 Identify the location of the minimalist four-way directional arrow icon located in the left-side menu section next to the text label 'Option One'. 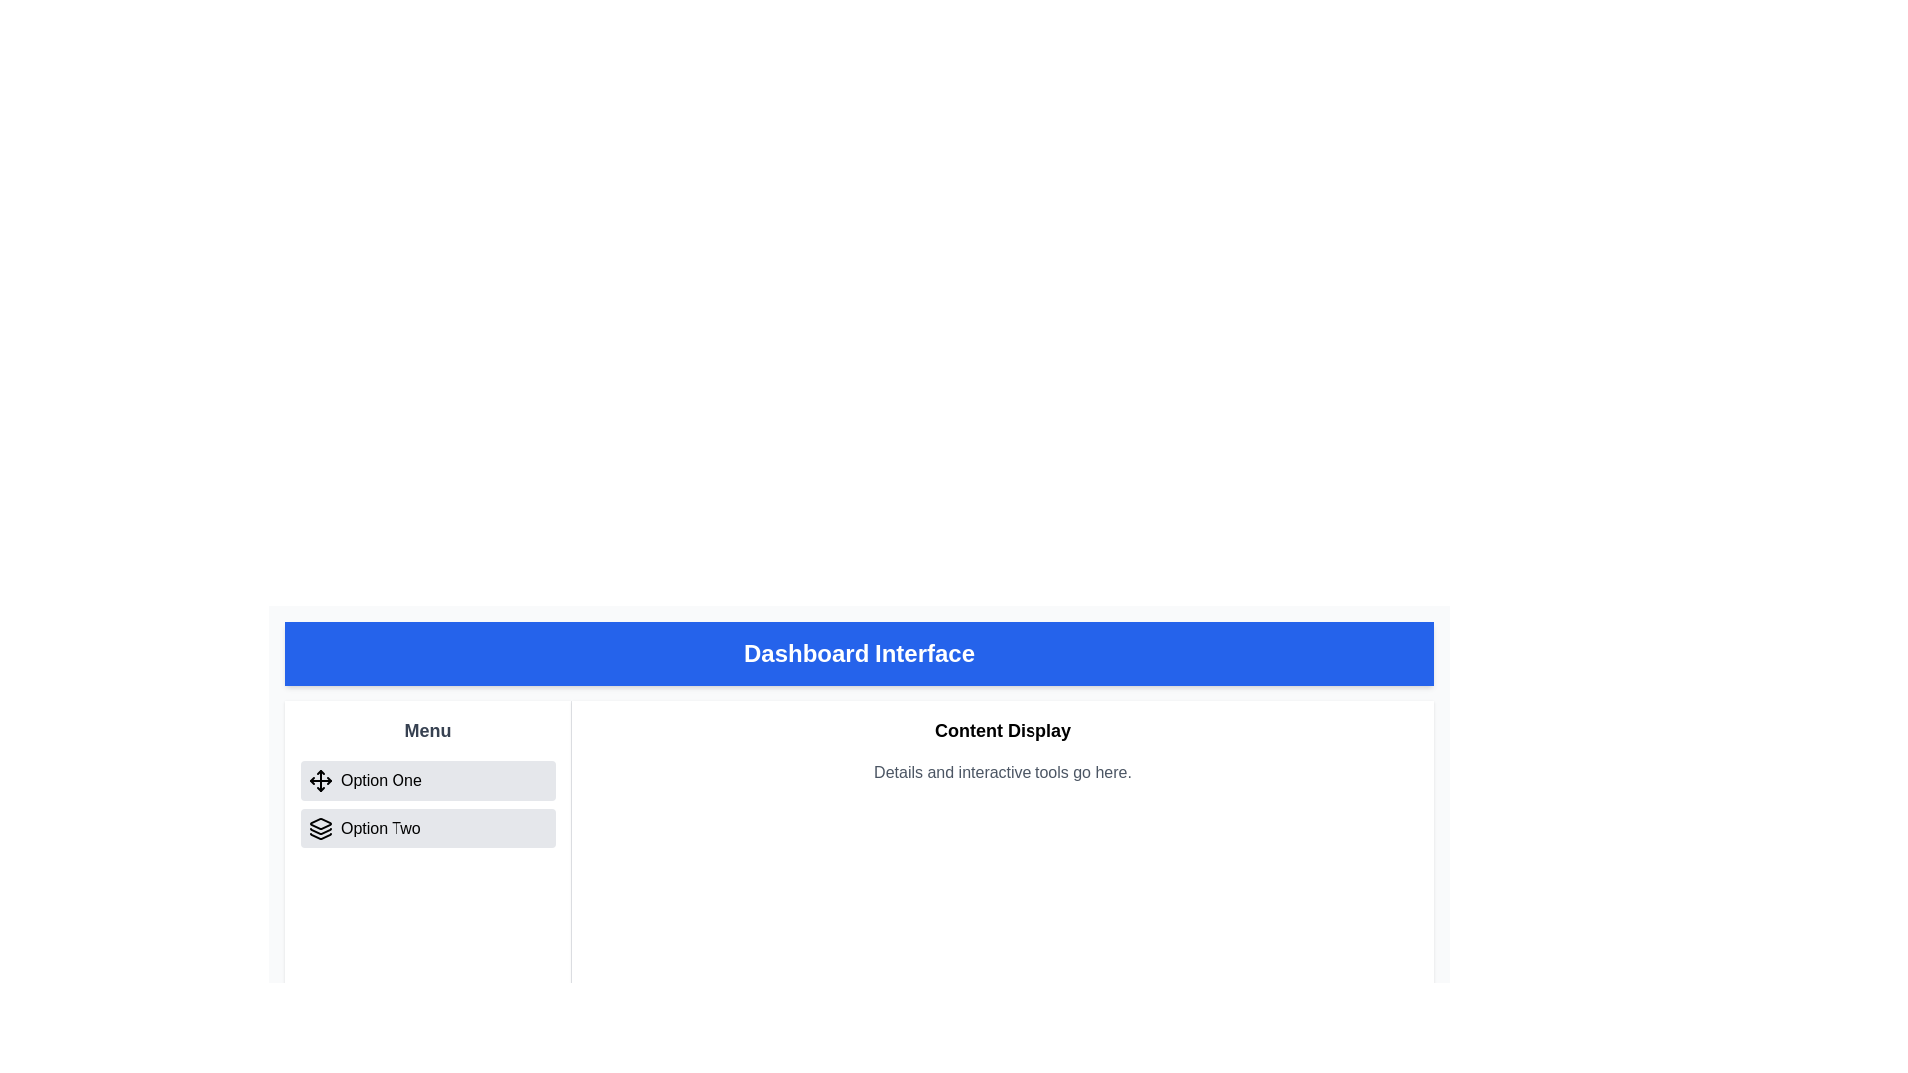
(320, 780).